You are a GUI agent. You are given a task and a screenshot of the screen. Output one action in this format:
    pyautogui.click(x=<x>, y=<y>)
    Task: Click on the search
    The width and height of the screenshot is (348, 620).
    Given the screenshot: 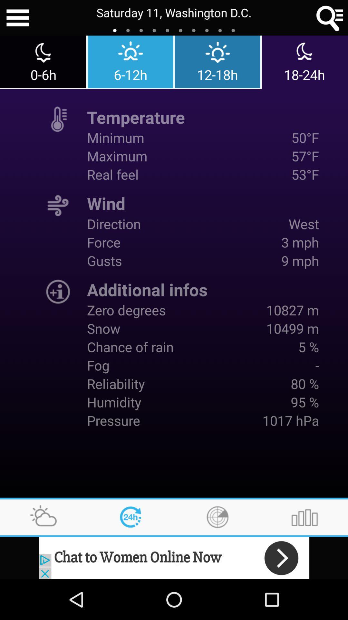 What is the action you would take?
    pyautogui.click(x=330, y=18)
    